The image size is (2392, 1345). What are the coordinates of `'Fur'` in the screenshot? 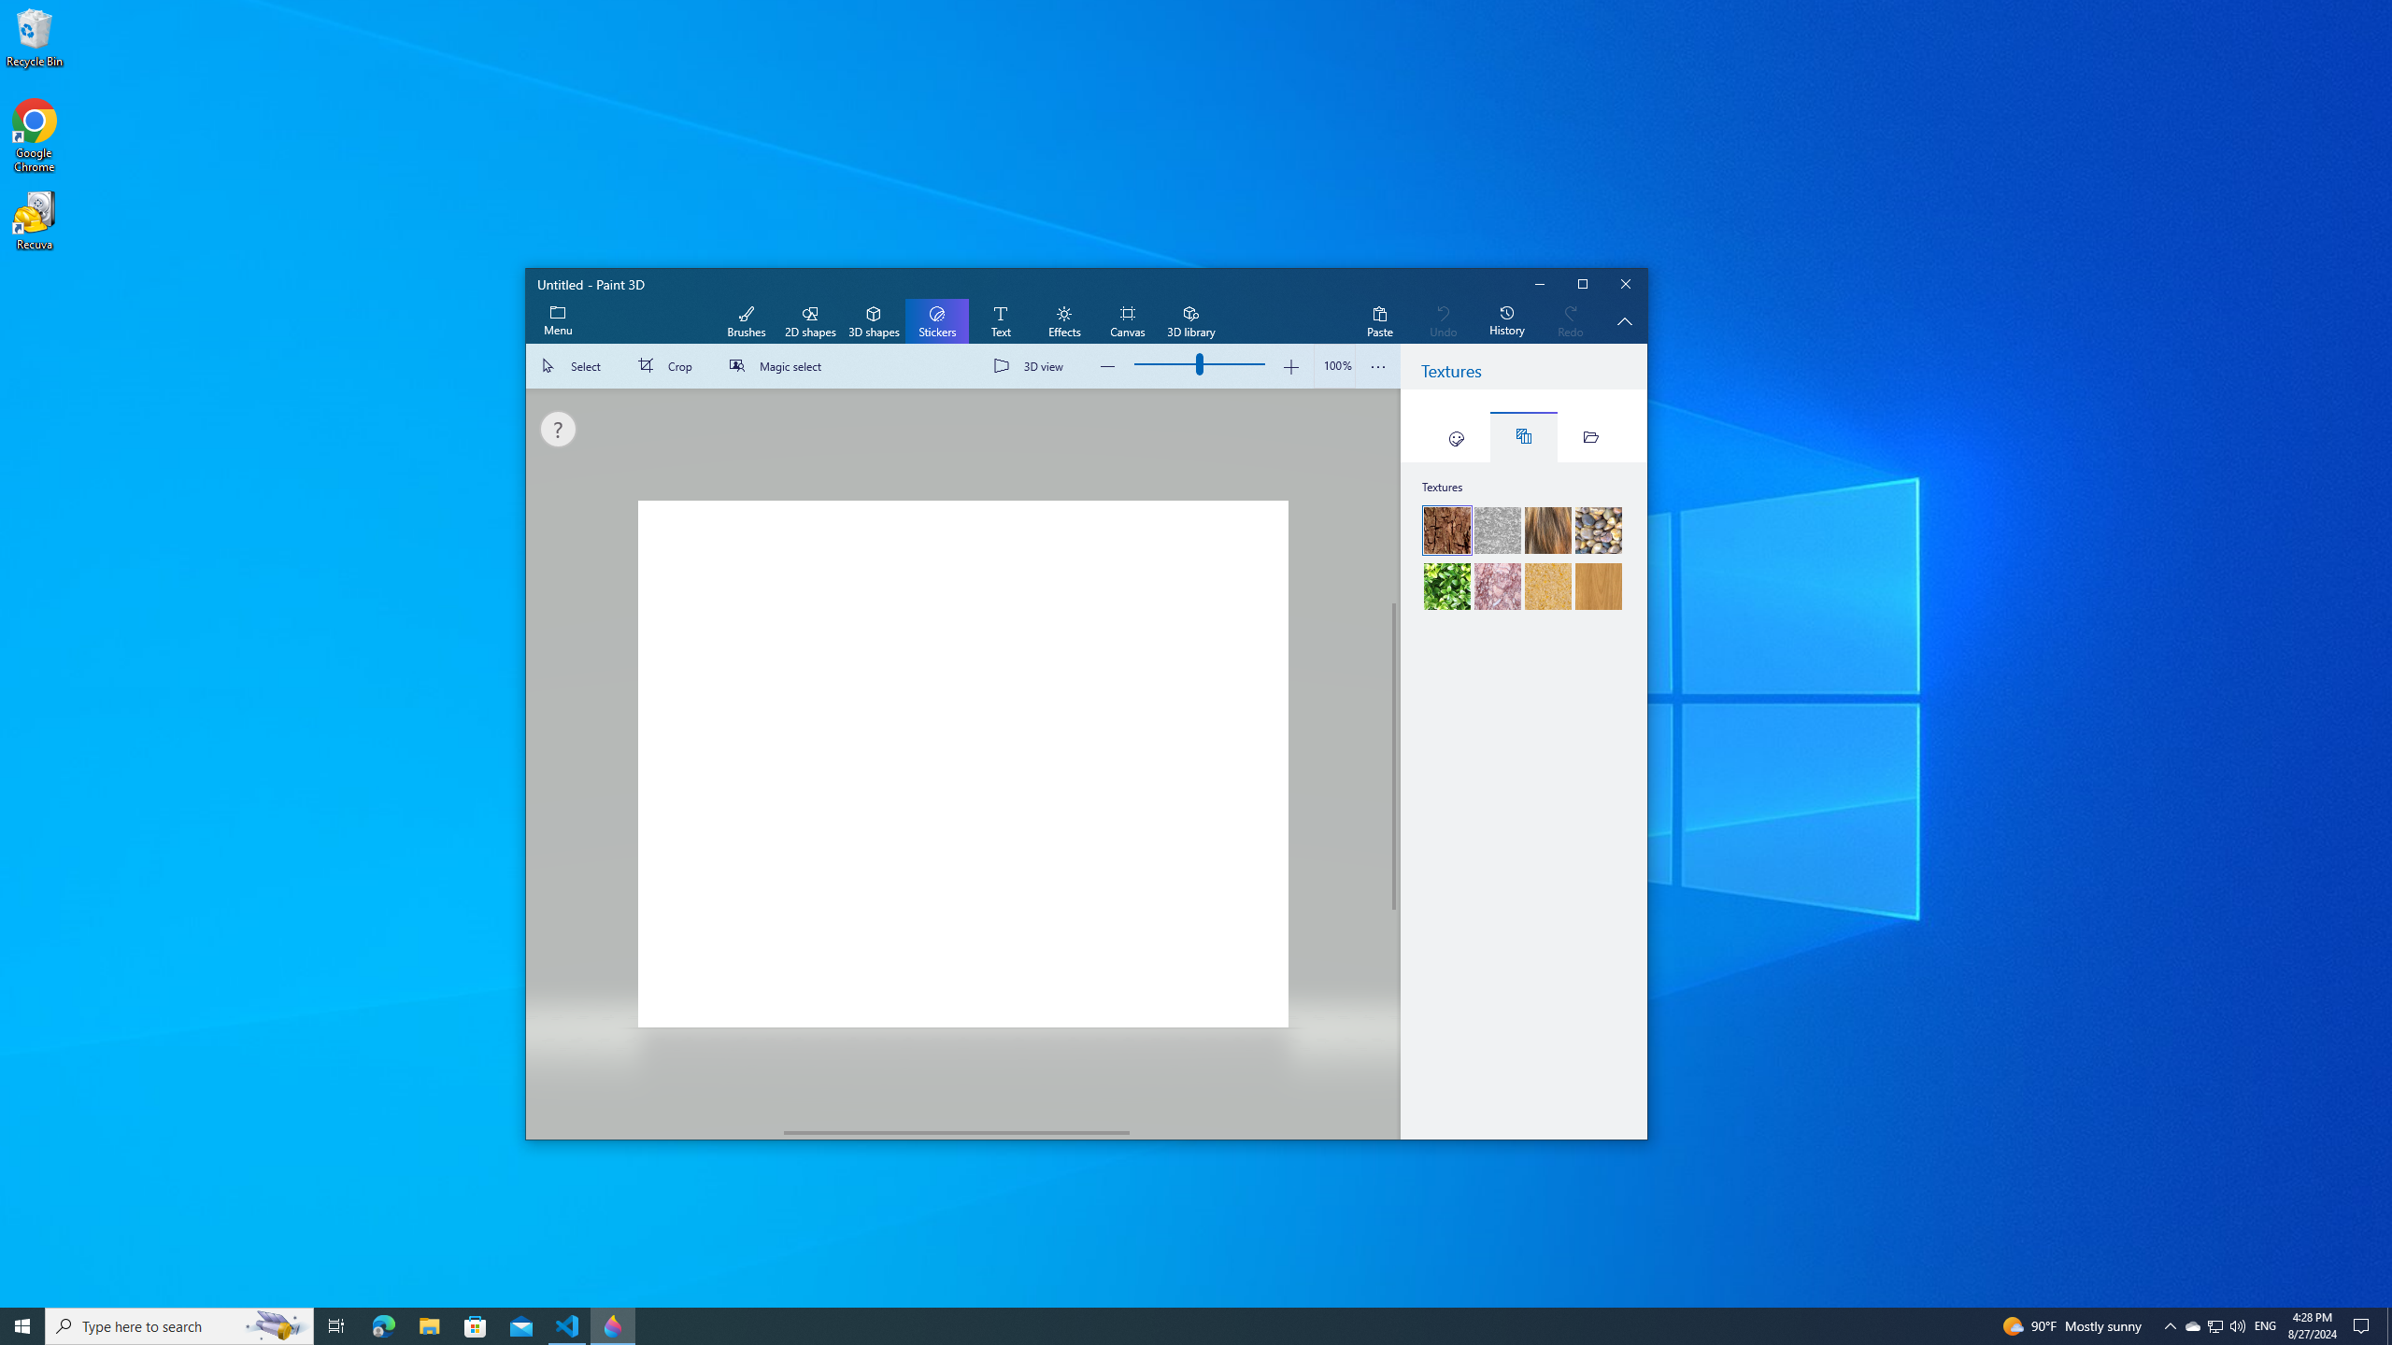 It's located at (1547, 530).